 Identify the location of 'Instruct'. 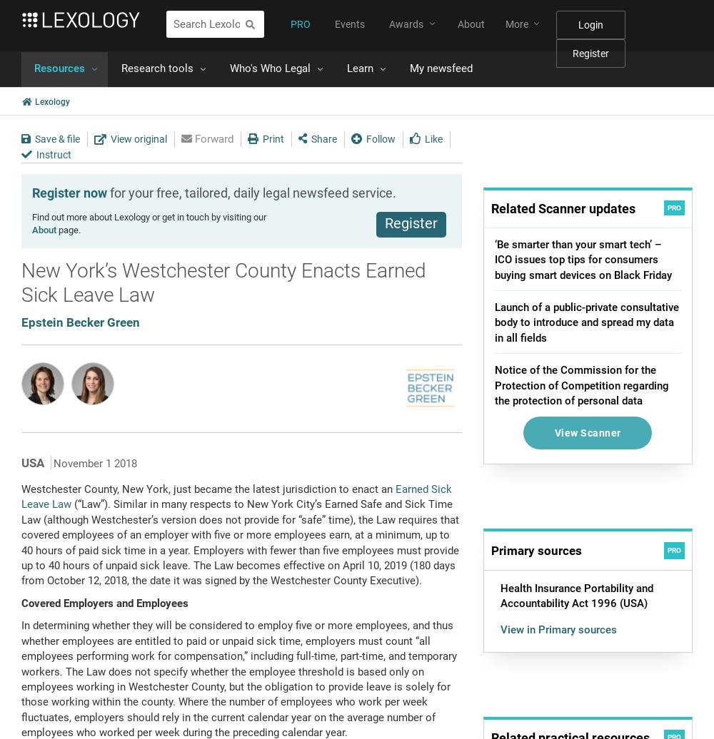
(52, 154).